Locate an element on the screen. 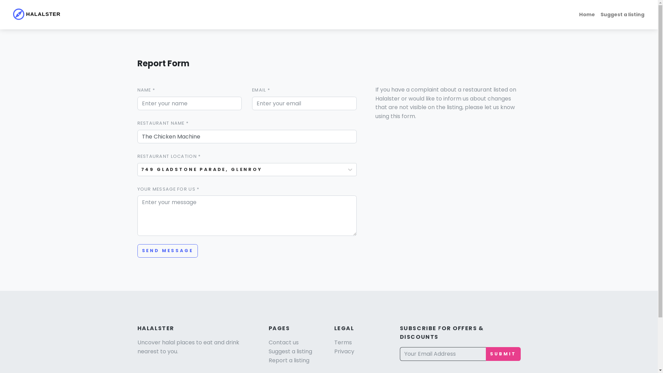 The width and height of the screenshot is (663, 373). 'SUBMIT' is located at coordinates (503, 354).